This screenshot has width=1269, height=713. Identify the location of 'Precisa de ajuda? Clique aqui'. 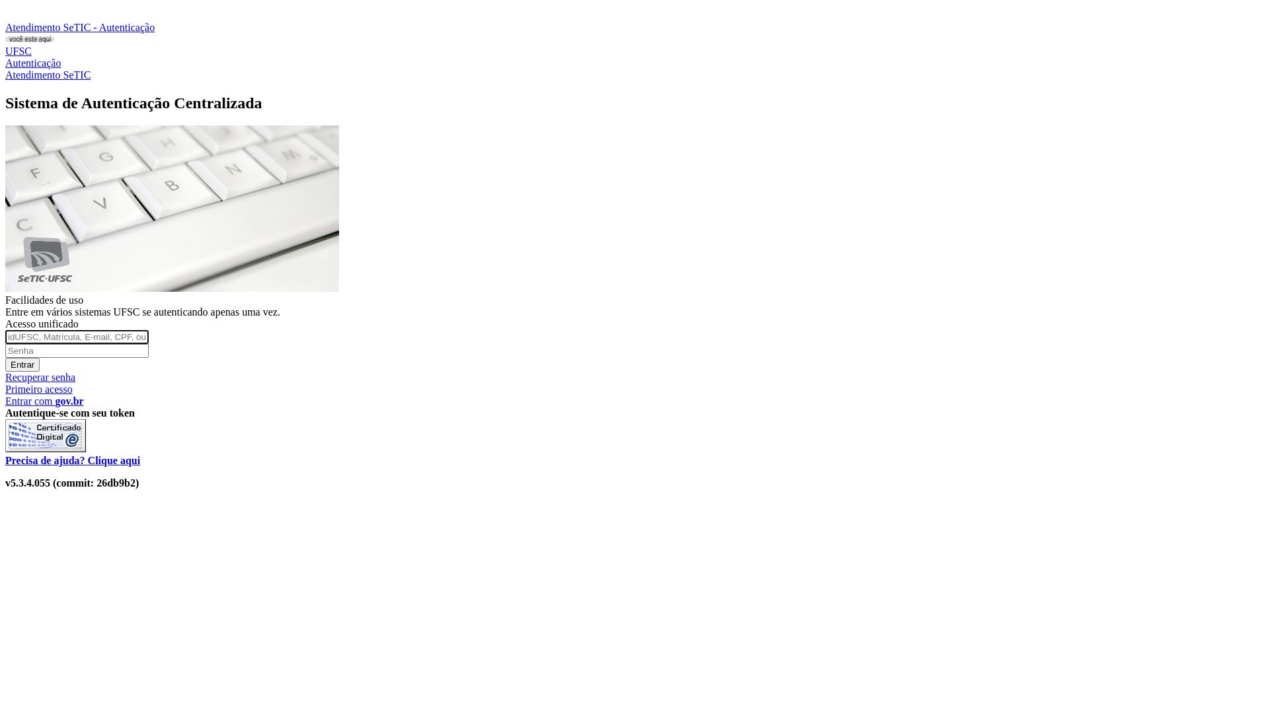
(72, 459).